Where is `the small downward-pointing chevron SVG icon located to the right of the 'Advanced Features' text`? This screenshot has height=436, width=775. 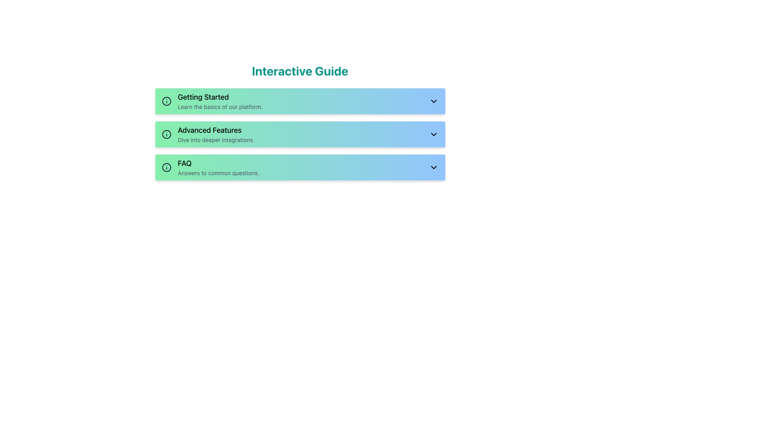
the small downward-pointing chevron SVG icon located to the right of the 'Advanced Features' text is located at coordinates (433, 134).